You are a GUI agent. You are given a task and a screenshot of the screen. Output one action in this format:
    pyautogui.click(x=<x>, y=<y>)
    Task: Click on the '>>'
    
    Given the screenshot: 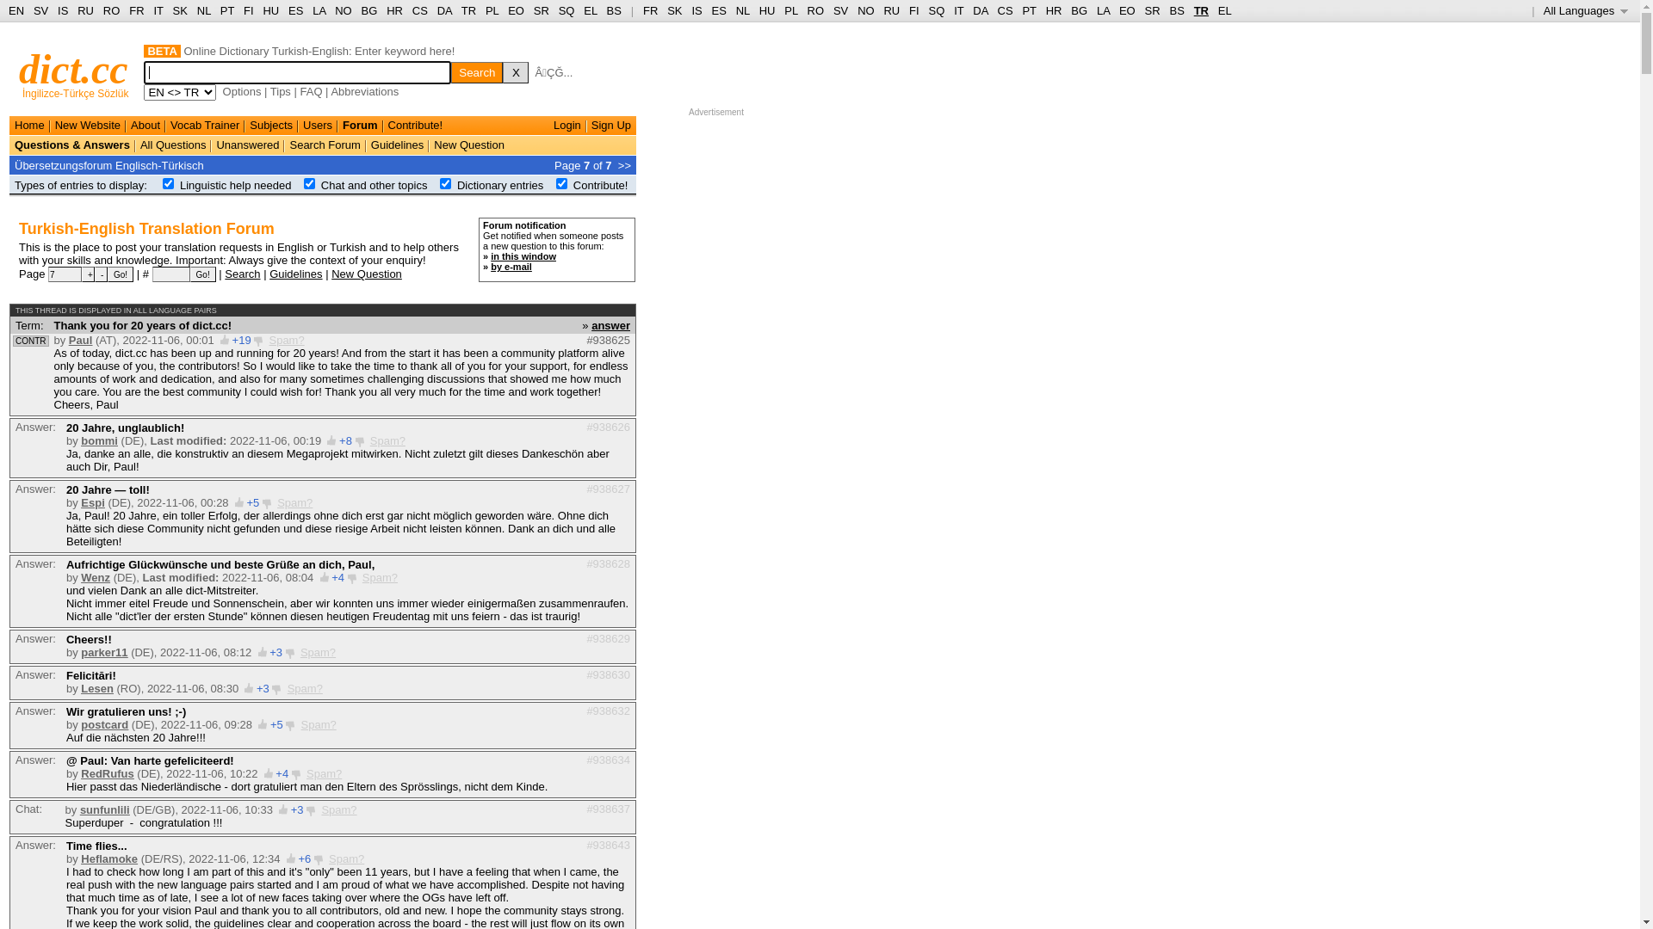 What is the action you would take?
    pyautogui.click(x=618, y=164)
    